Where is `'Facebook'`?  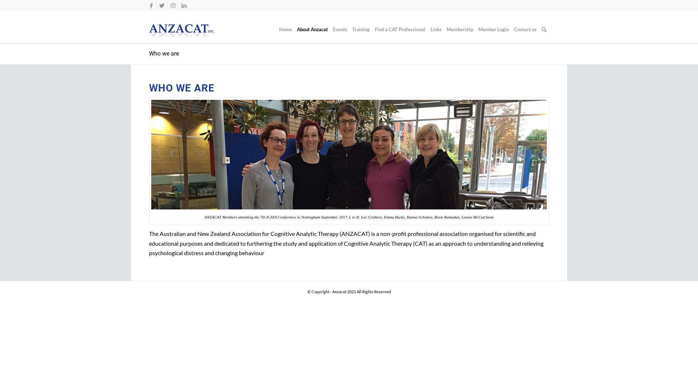
'Facebook' is located at coordinates (151, 5).